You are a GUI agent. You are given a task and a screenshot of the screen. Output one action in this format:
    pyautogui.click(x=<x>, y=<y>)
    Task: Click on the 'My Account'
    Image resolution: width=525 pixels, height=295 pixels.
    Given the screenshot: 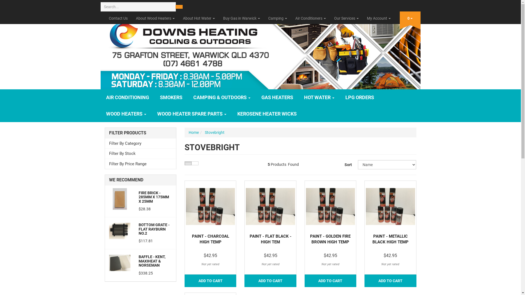 What is the action you would take?
    pyautogui.click(x=362, y=18)
    